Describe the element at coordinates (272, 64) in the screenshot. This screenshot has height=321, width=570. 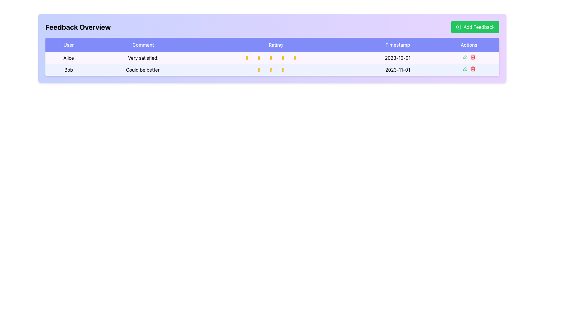
I see `the action icons in the second row of the feedback table` at that location.